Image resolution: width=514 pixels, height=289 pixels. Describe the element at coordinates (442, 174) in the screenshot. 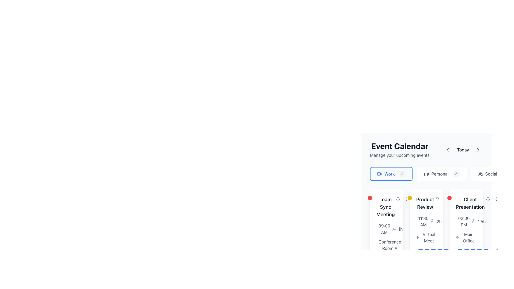

I see `the 'Personal' filter button` at that location.